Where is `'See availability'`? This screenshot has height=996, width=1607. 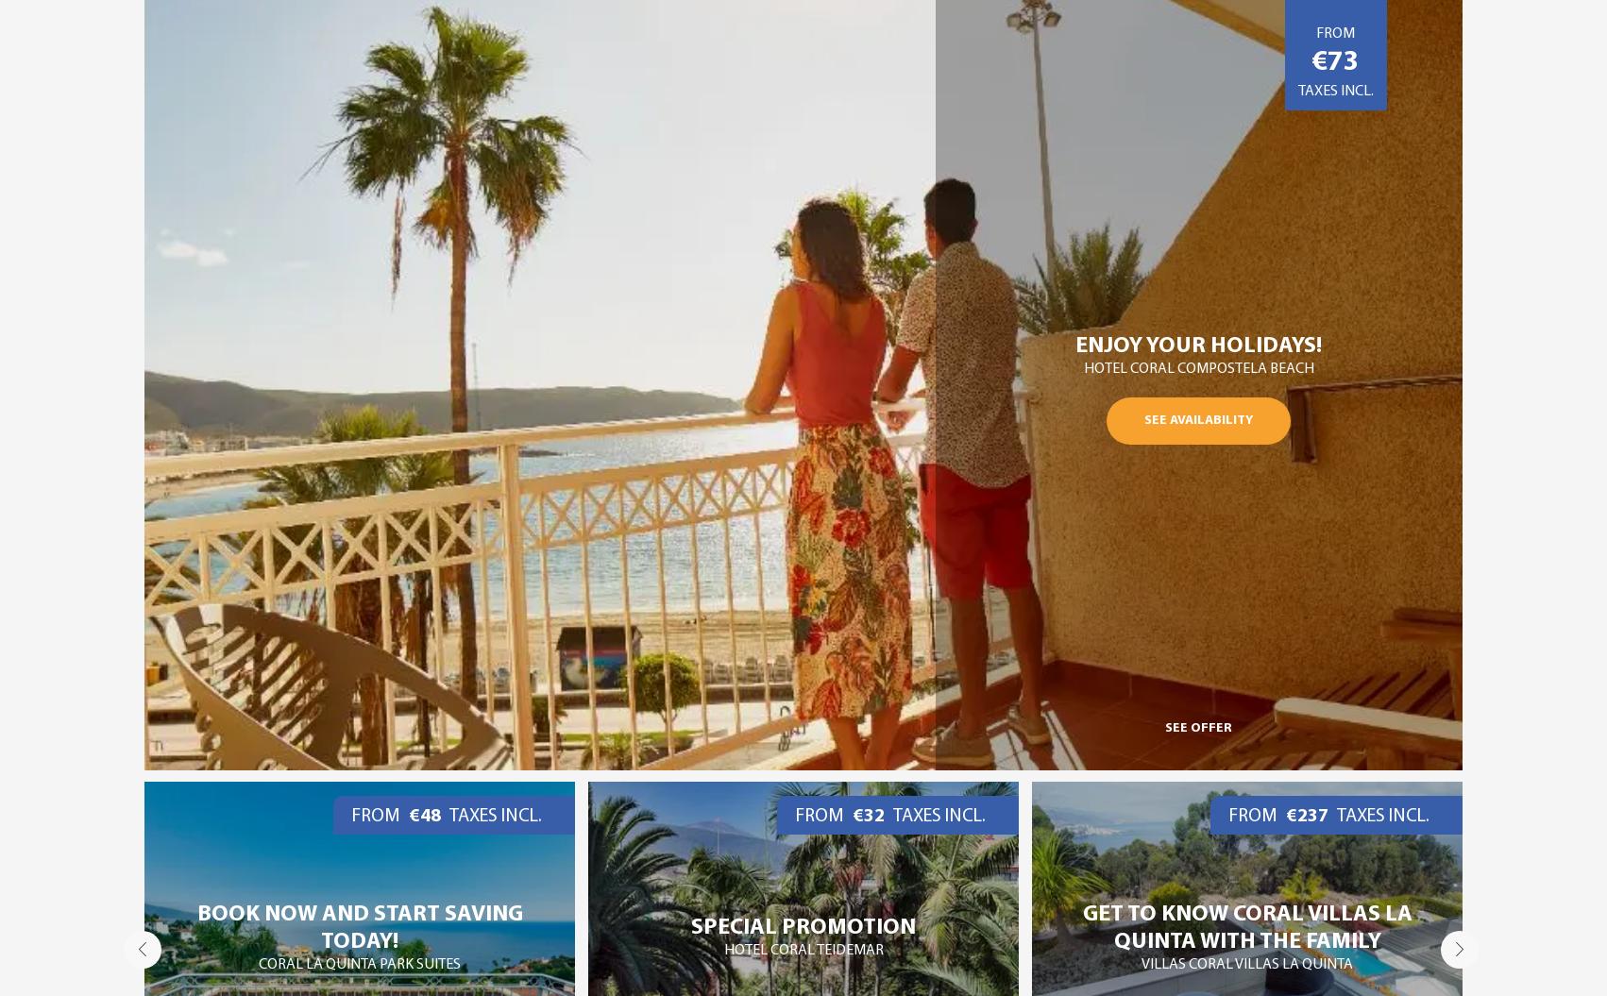
'See availability' is located at coordinates (1143, 418).